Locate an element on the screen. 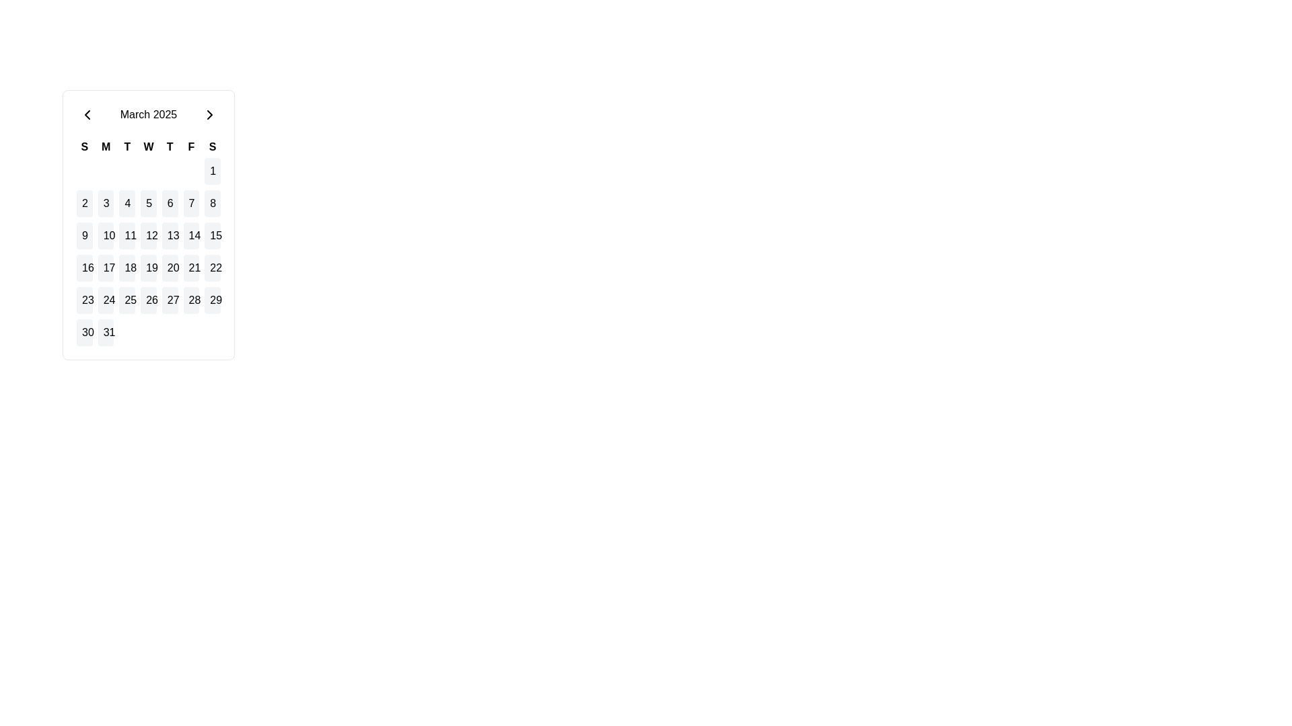 This screenshot has width=1292, height=726. the button representing the 28th day of the month in the calendar interface is located at coordinates (190, 300).